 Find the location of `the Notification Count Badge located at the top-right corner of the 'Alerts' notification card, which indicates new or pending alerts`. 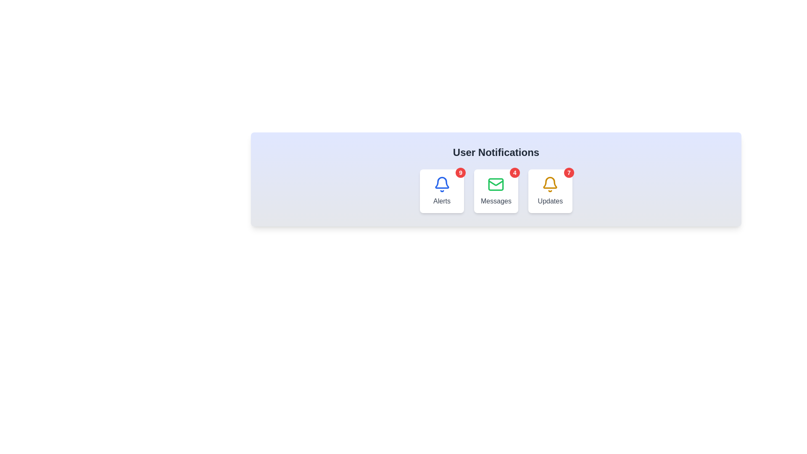

the Notification Count Badge located at the top-right corner of the 'Alerts' notification card, which indicates new or pending alerts is located at coordinates (460, 172).